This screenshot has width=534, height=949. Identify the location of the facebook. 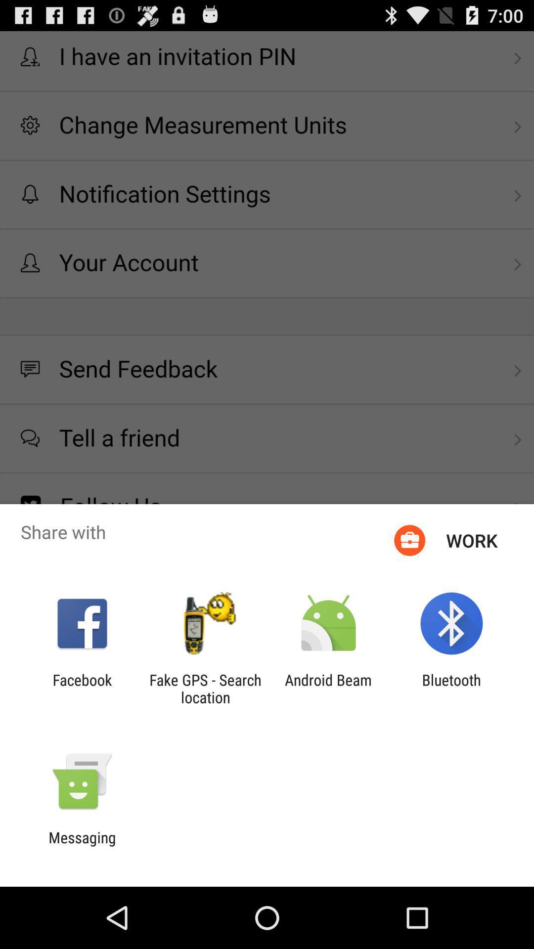
(82, 688).